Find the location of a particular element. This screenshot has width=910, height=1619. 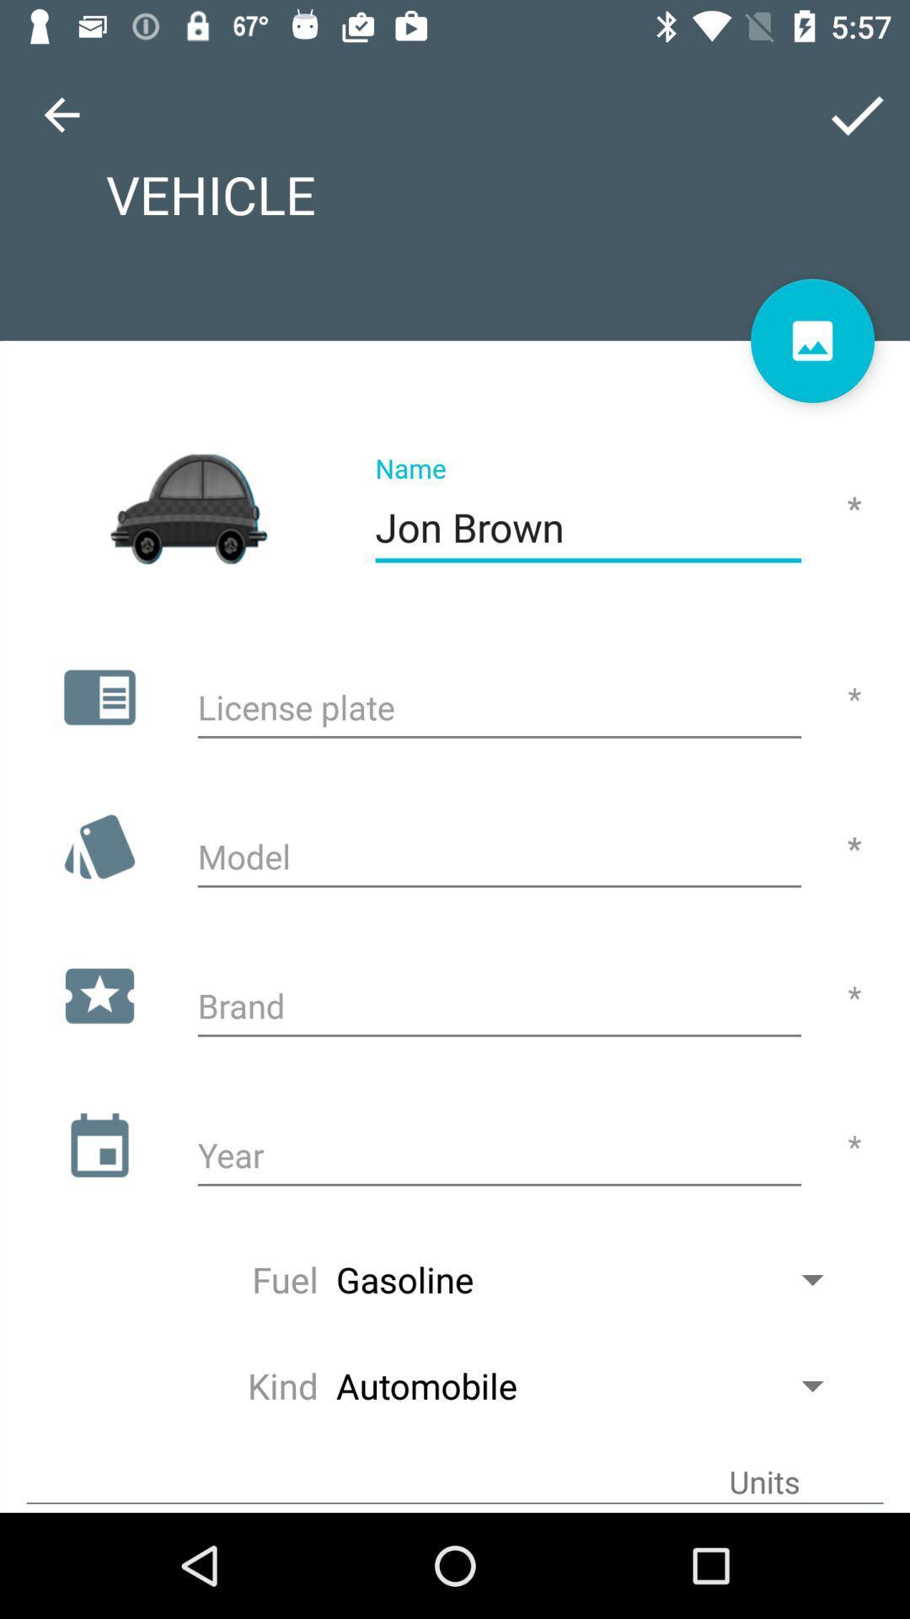

profile picture is located at coordinates (811, 340).